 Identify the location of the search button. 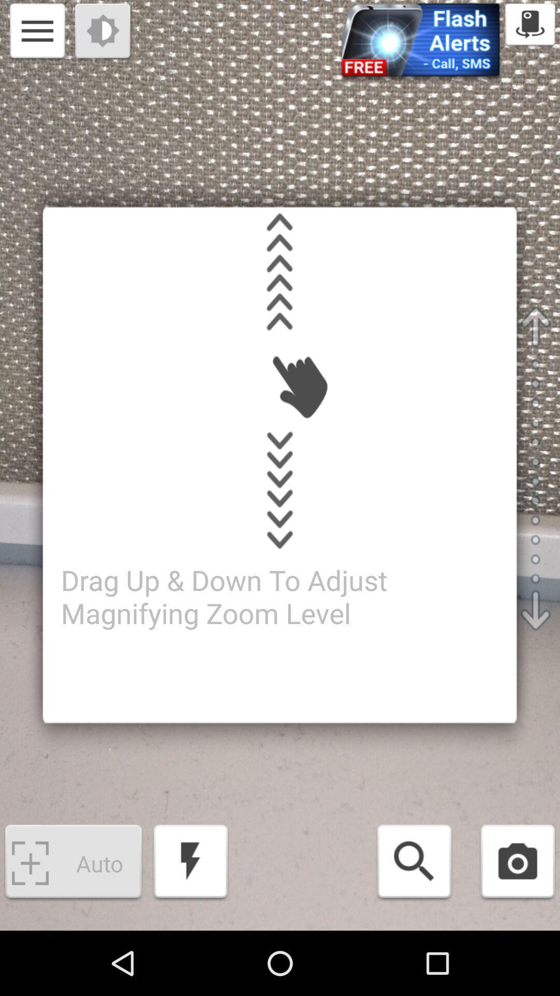
(414, 863).